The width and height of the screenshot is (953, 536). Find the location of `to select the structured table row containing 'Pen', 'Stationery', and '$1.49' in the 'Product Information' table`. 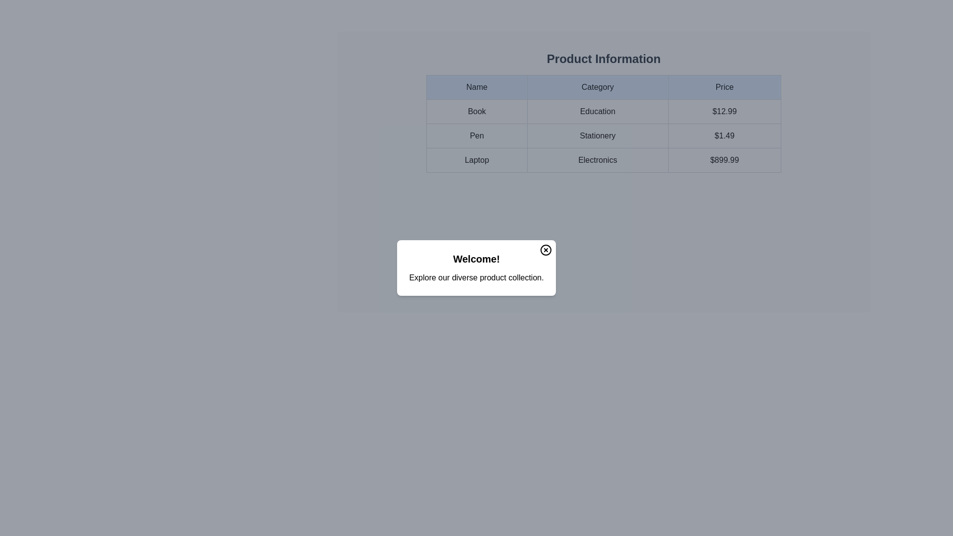

to select the structured table row containing 'Pen', 'Stationery', and '$1.49' in the 'Product Information' table is located at coordinates (603, 135).